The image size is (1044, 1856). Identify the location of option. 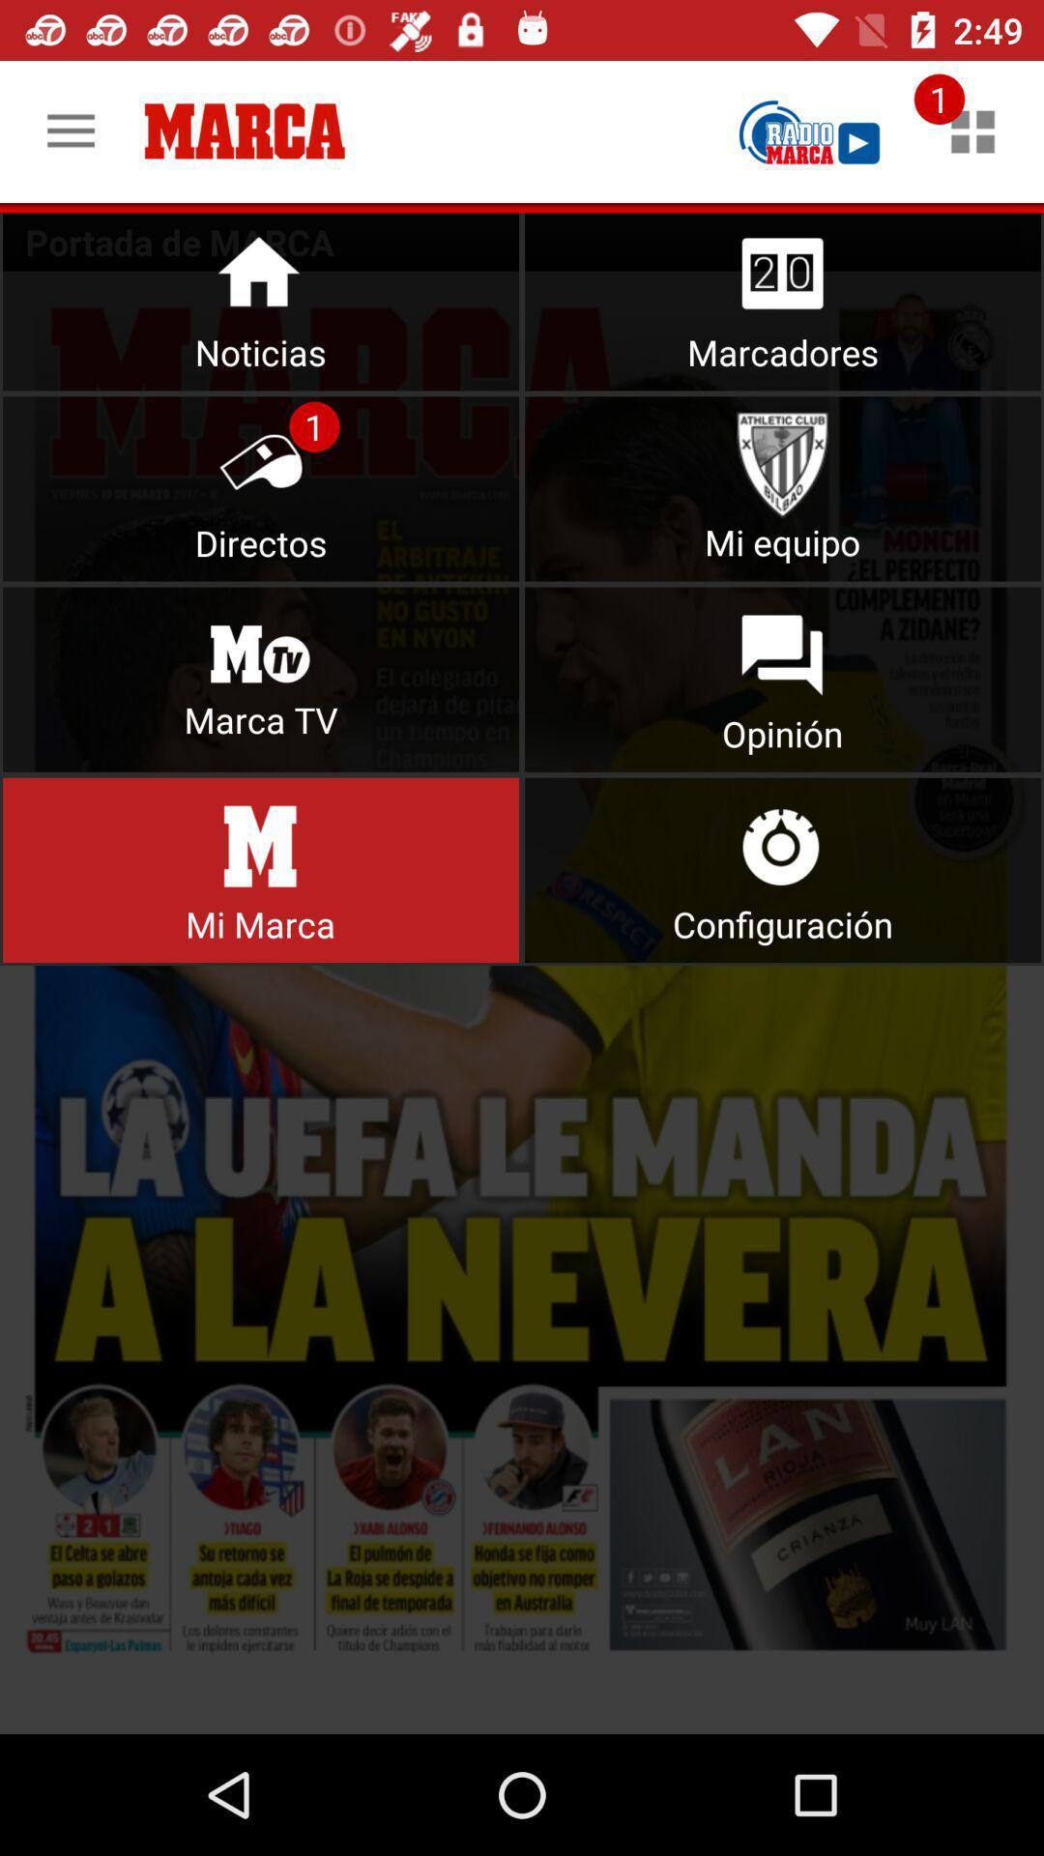
(261, 297).